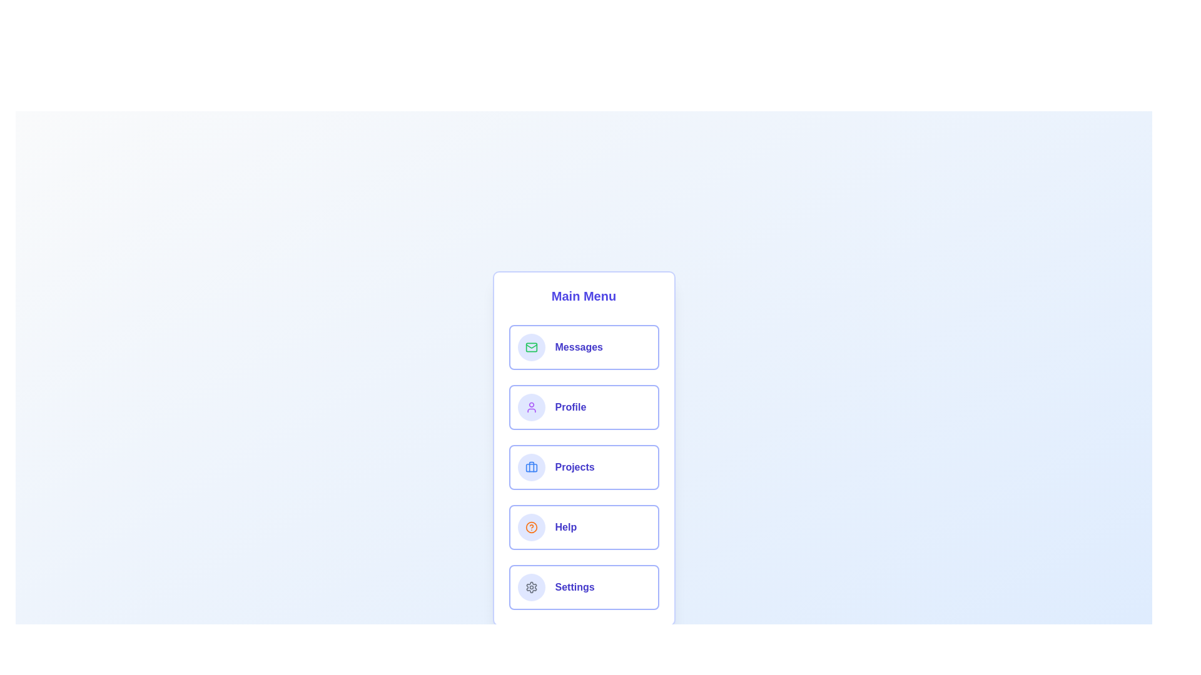 Image resolution: width=1201 pixels, height=675 pixels. I want to click on the menu item labeled 'Settings' to observe the hover effect, so click(583, 587).